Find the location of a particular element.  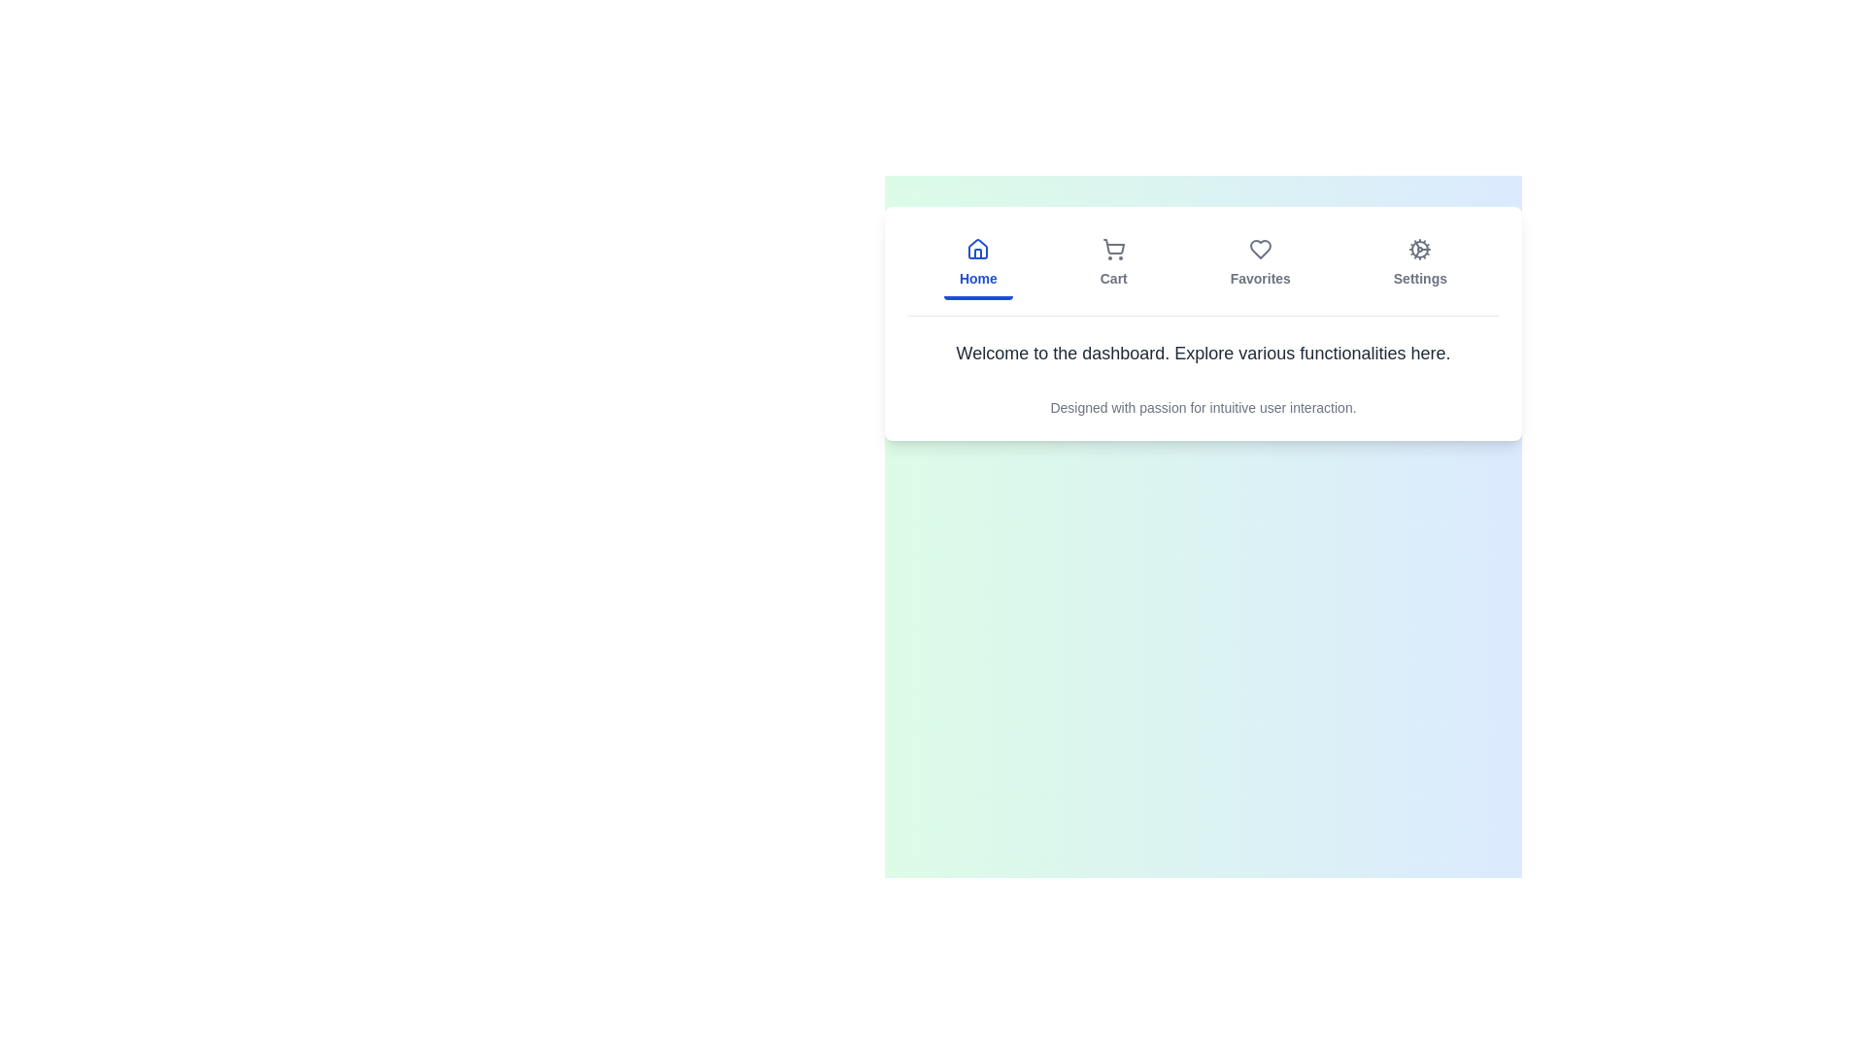

the heart icon in the 'Favorites' section of the top navigation bar is located at coordinates (1260, 249).